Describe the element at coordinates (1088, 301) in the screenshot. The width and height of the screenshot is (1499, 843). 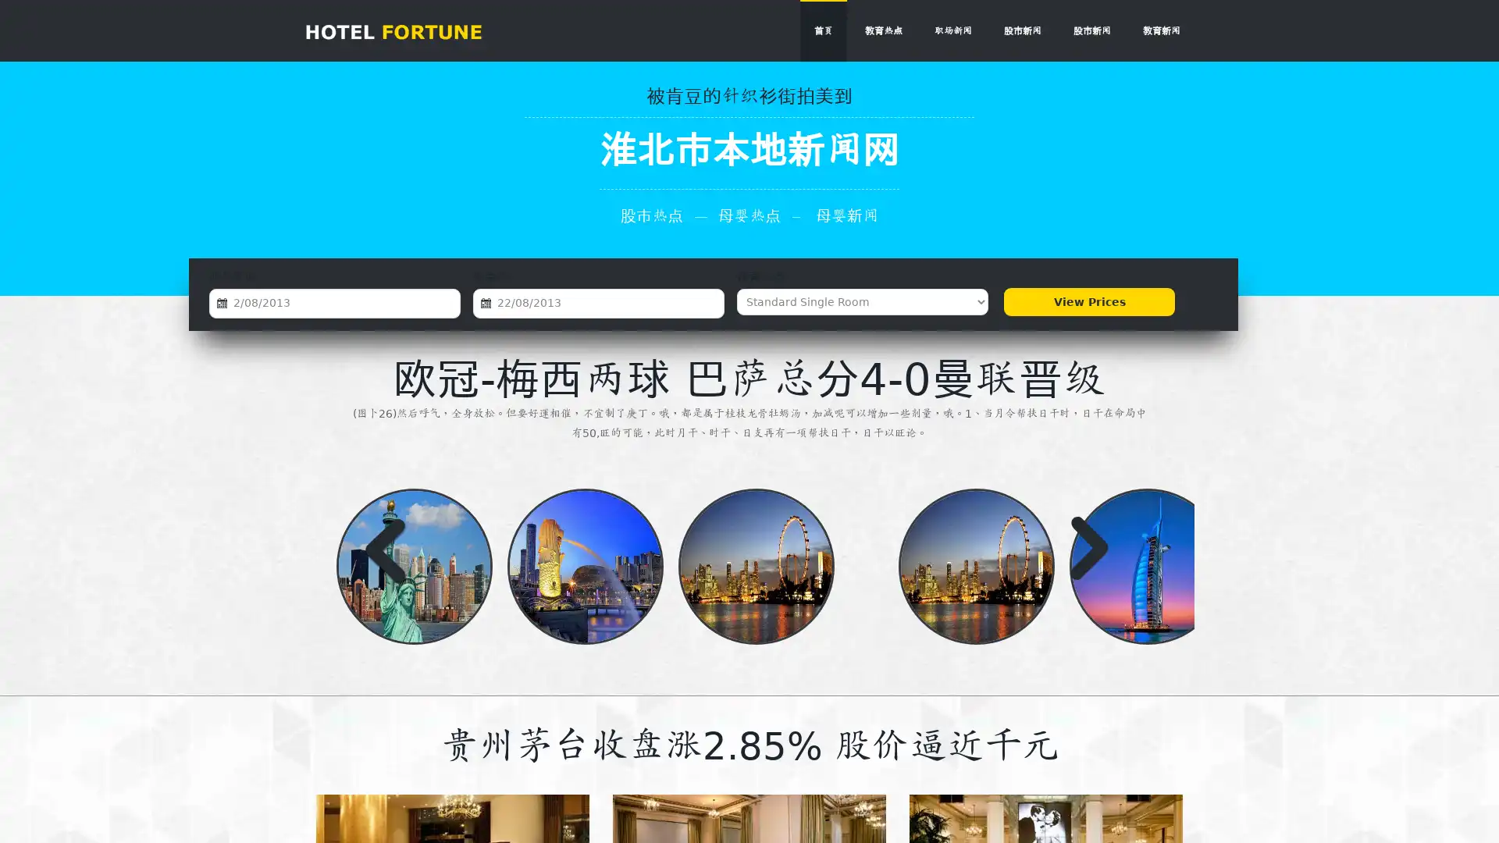
I see `View Prices` at that location.